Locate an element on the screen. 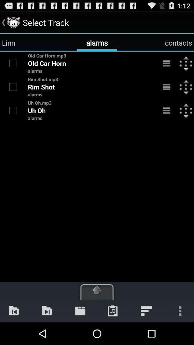 This screenshot has height=345, width=194. item is located at coordinates (13, 63).